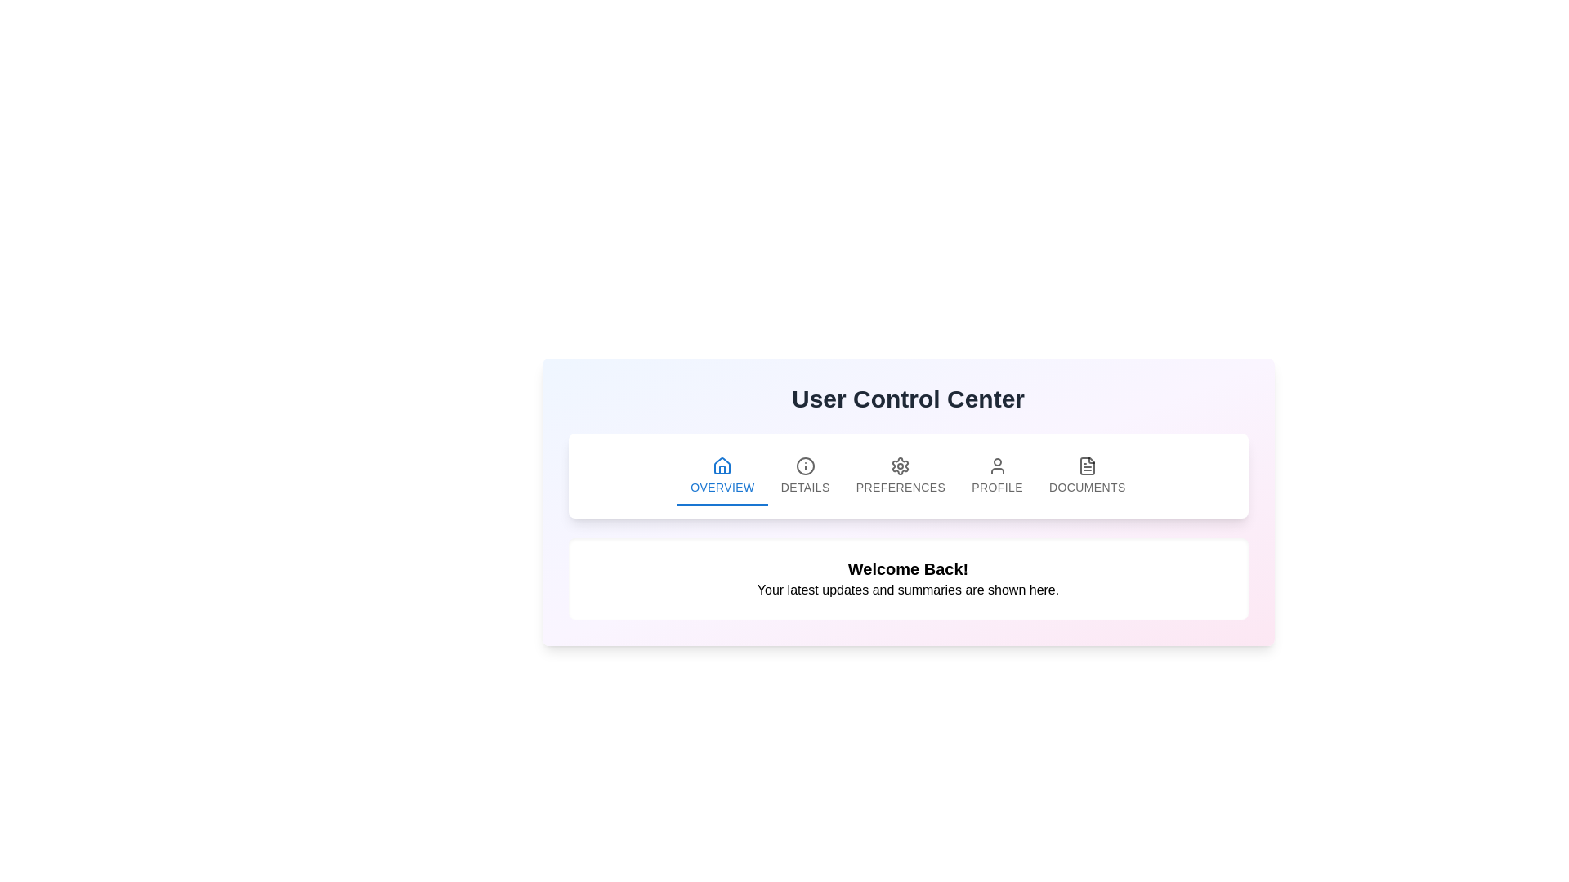  I want to click on the horizontal indicator bar located under the 'Overview' tab in the navigation bar, which indicates the currently selected tab, so click(722, 503).